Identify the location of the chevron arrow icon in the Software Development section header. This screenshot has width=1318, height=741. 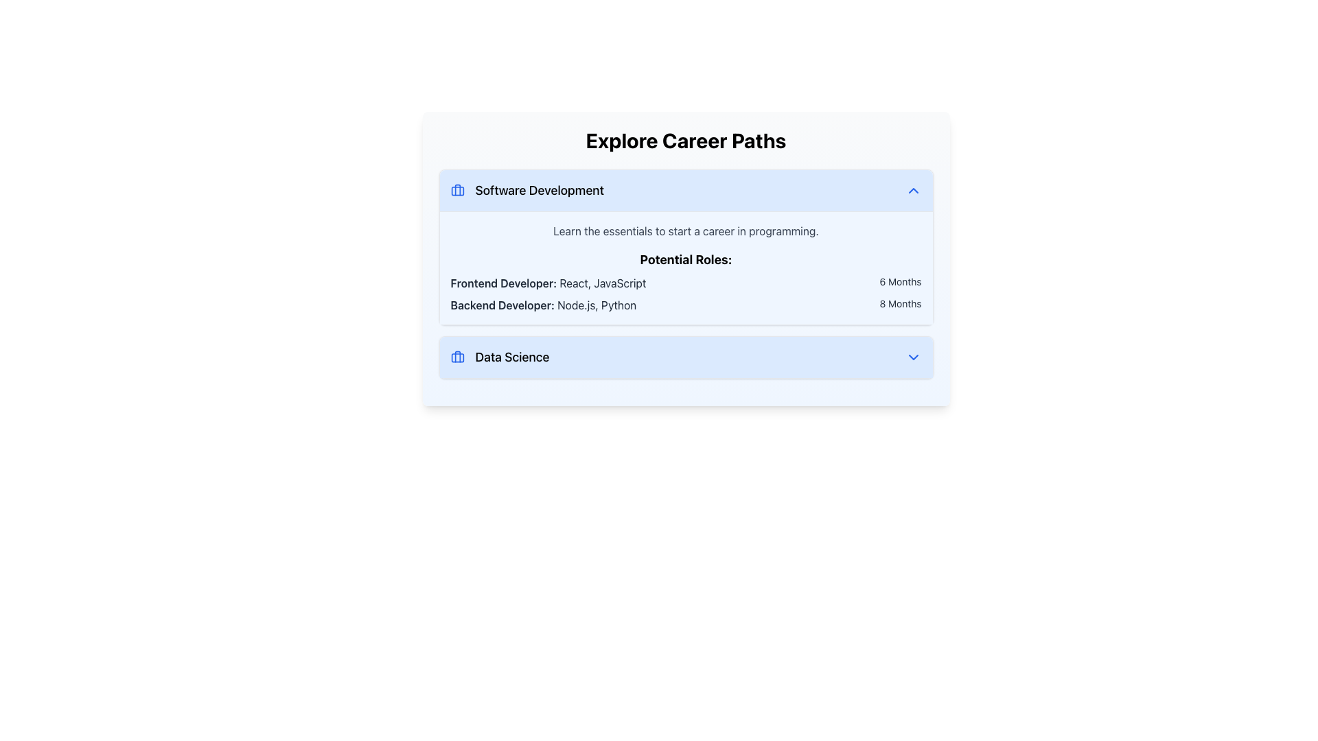
(913, 190).